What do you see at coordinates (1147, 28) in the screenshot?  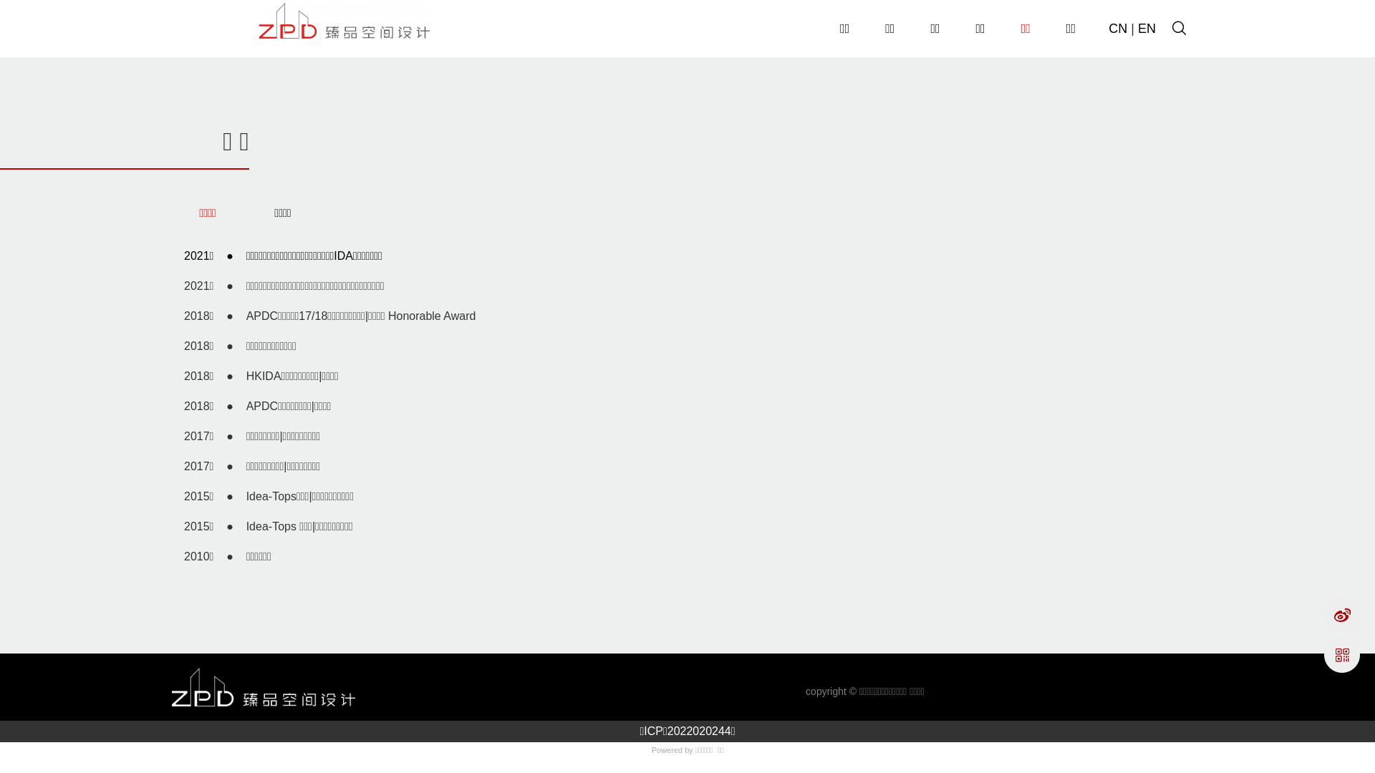 I see `'EN'` at bounding box center [1147, 28].